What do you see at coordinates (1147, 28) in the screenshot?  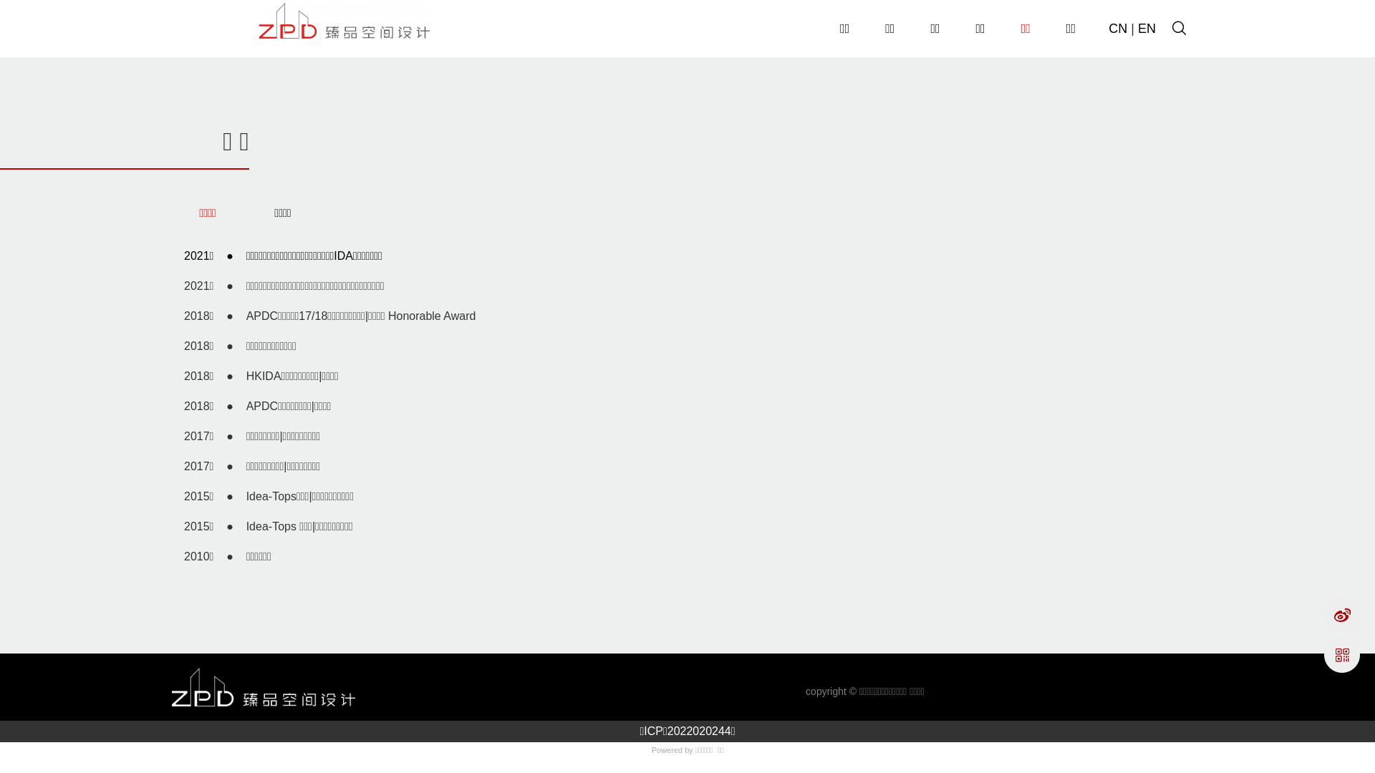 I see `'EN'` at bounding box center [1147, 28].